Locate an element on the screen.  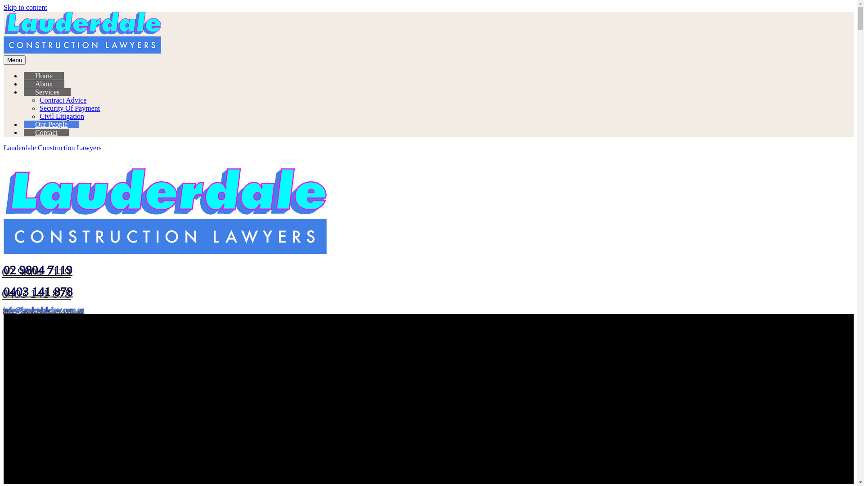
'Security Of Payment' is located at coordinates (69, 108).